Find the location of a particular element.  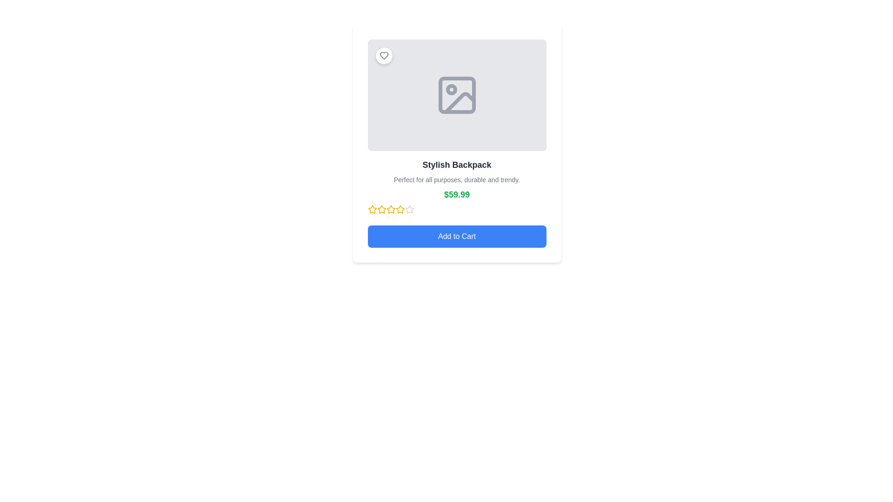

the fourth yellow rating star icon indicating a filled state, located below the product name 'Stylish Backpack' and price '$59.99' is located at coordinates (400, 210).